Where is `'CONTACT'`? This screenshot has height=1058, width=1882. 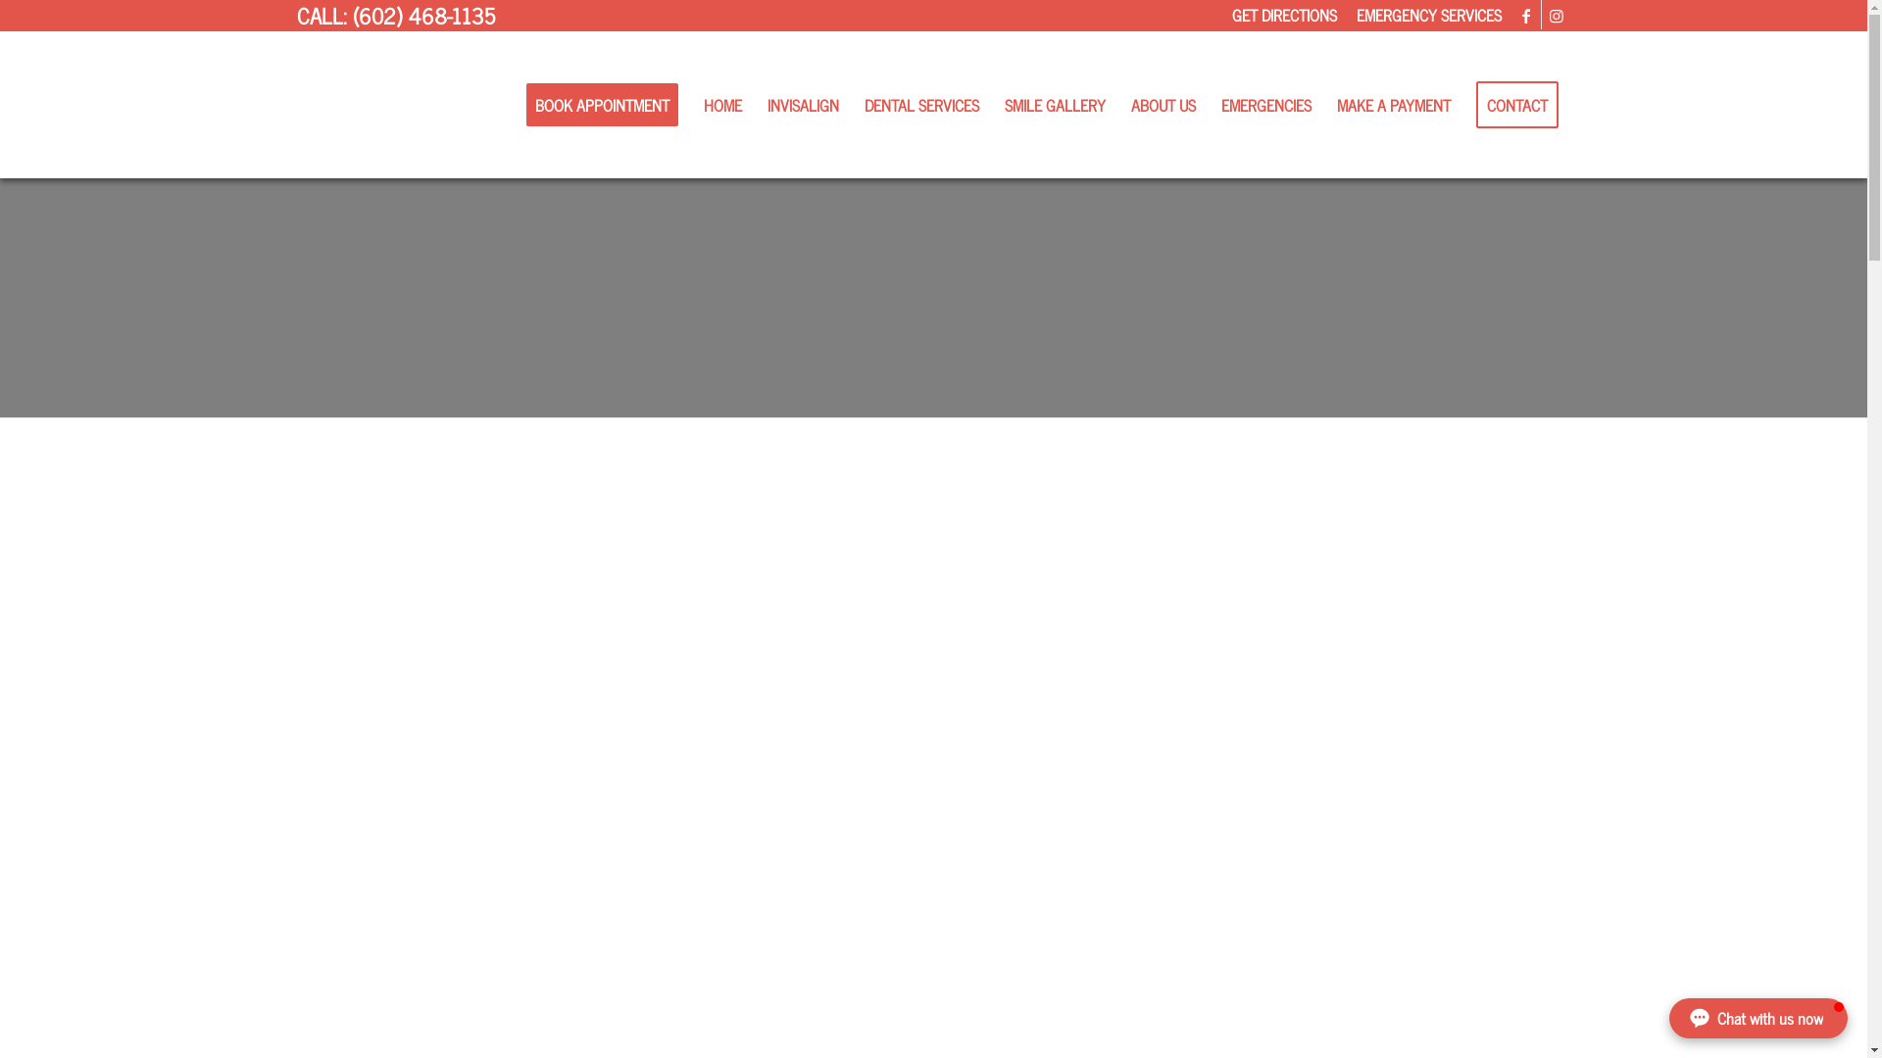
'CONTACT' is located at coordinates (1462, 105).